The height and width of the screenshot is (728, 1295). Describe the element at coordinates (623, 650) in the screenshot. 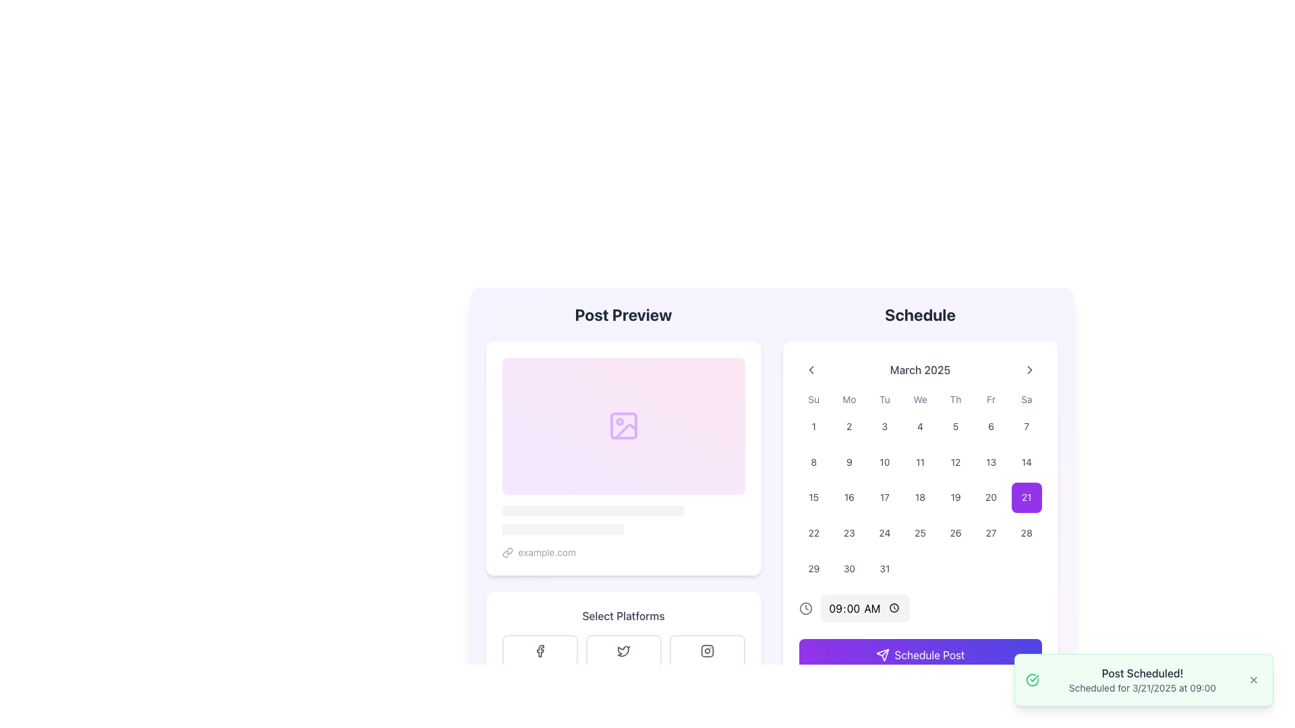

I see `the Twitter icon, represented by a blue outlined bird-shaped SVG graphic` at that location.